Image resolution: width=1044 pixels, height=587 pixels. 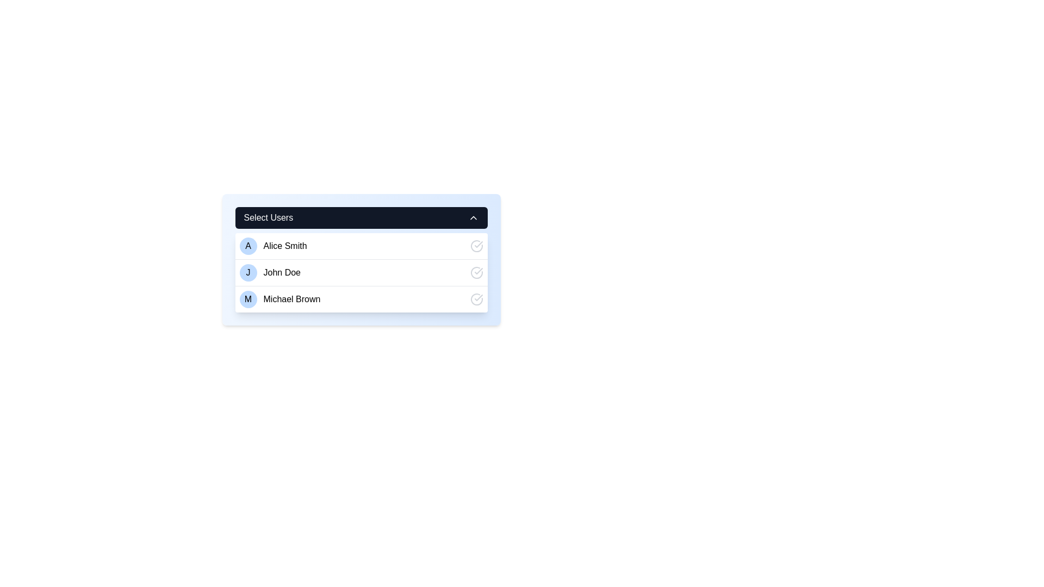 What do you see at coordinates (476, 246) in the screenshot?
I see `the Checkmark icon, which is a circular icon with a checkmark design located to the far right of the row associated with 'Alice Smith'` at bounding box center [476, 246].